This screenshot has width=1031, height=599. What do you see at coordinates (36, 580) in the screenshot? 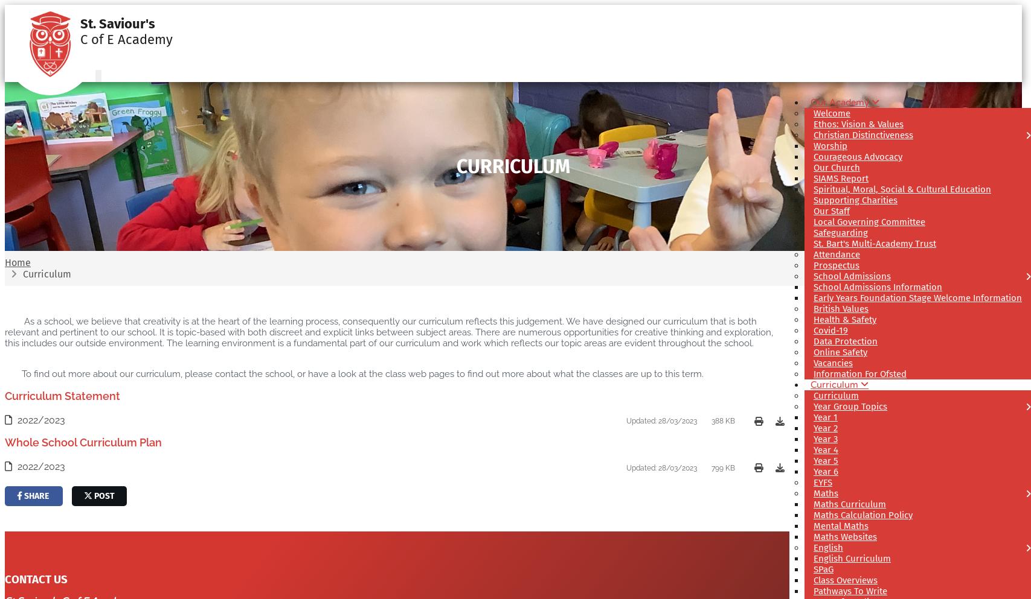
I see `'Contact Us'` at bounding box center [36, 580].